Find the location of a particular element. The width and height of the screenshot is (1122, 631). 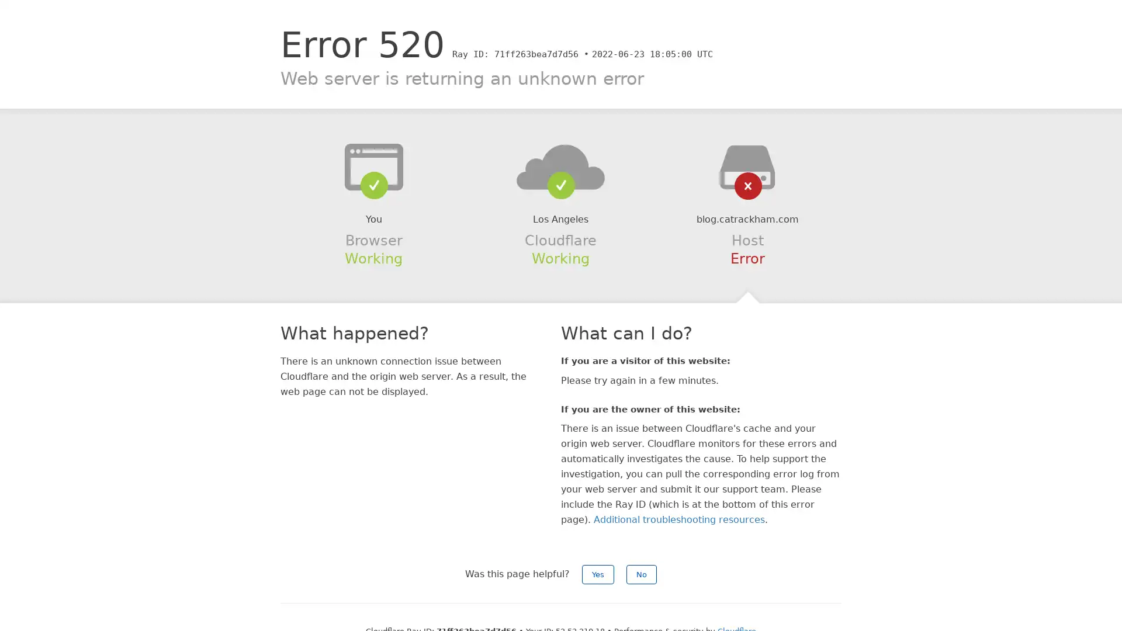

Yes is located at coordinates (598, 574).